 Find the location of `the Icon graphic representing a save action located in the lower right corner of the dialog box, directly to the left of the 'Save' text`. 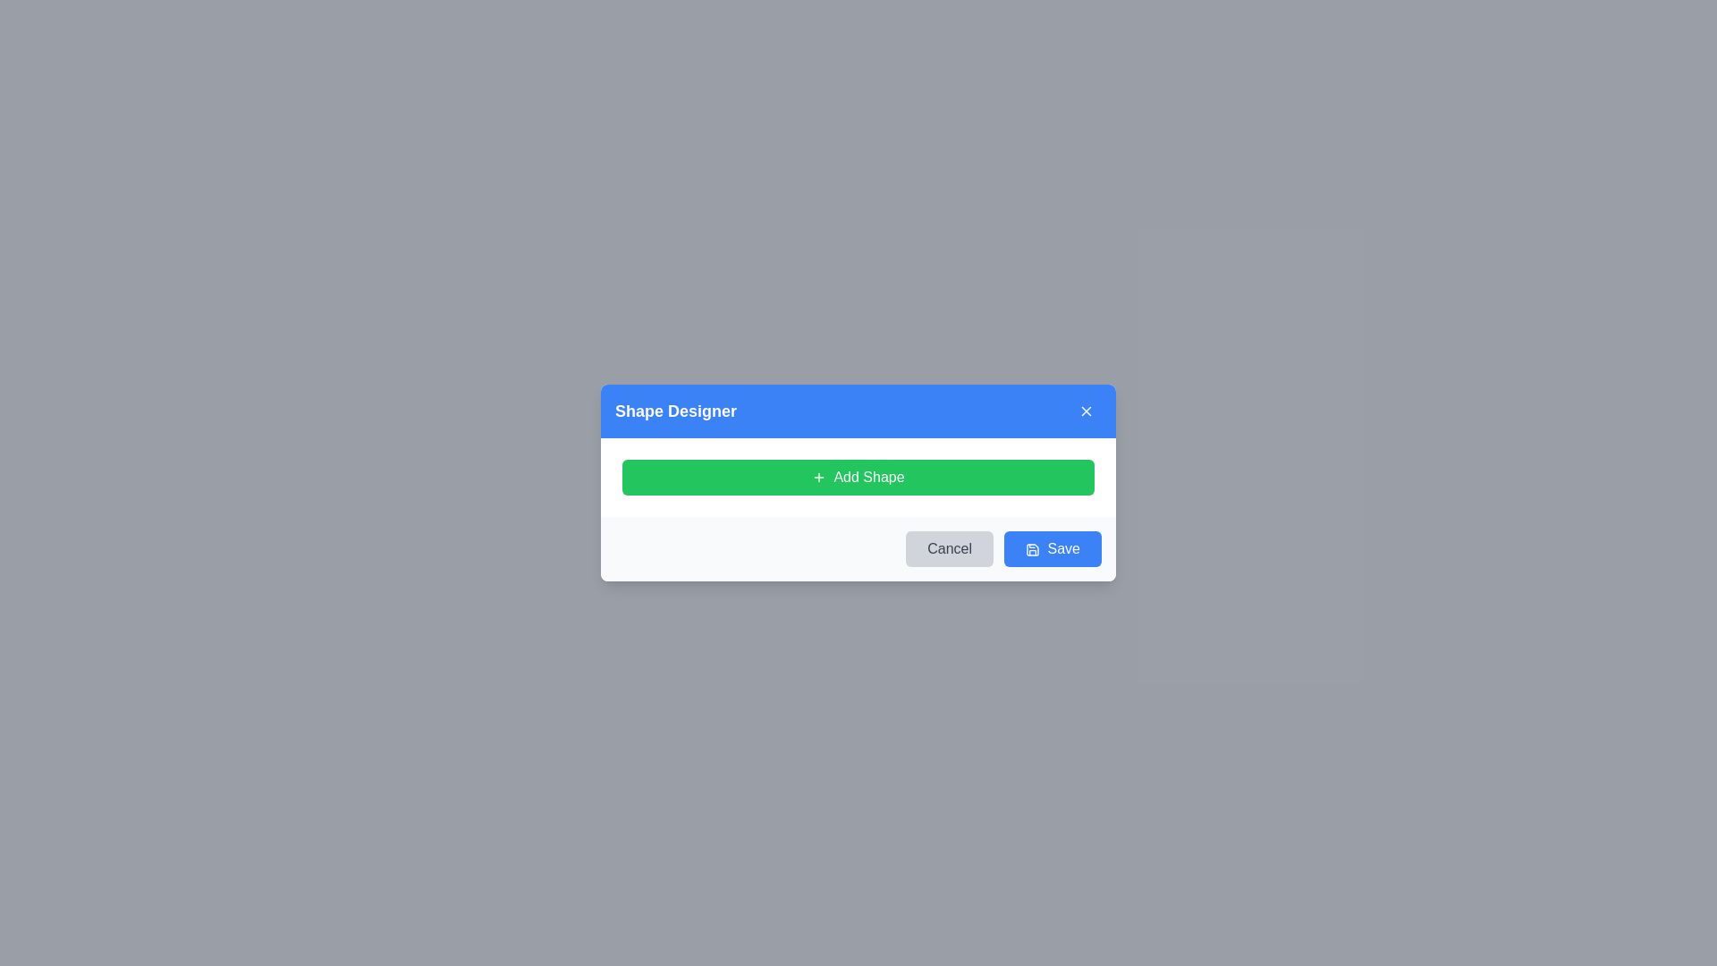

the Icon graphic representing a save action located in the lower right corner of the dialog box, directly to the left of the 'Save' text is located at coordinates (1033, 548).